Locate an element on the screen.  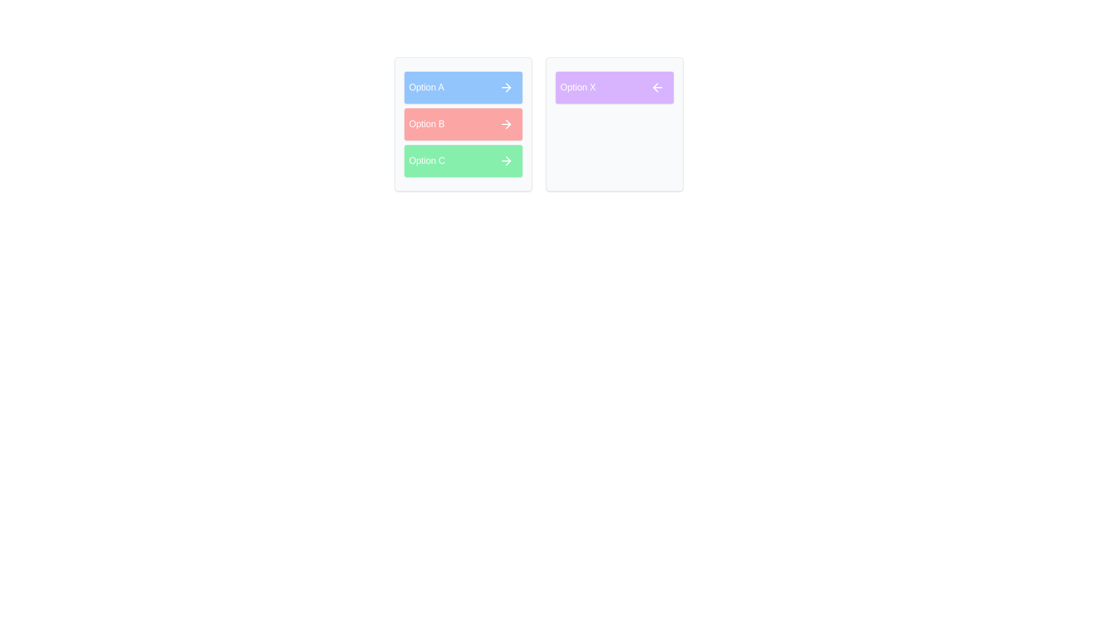
'Move to Right' button for the item Option A in the source list is located at coordinates (505, 87).